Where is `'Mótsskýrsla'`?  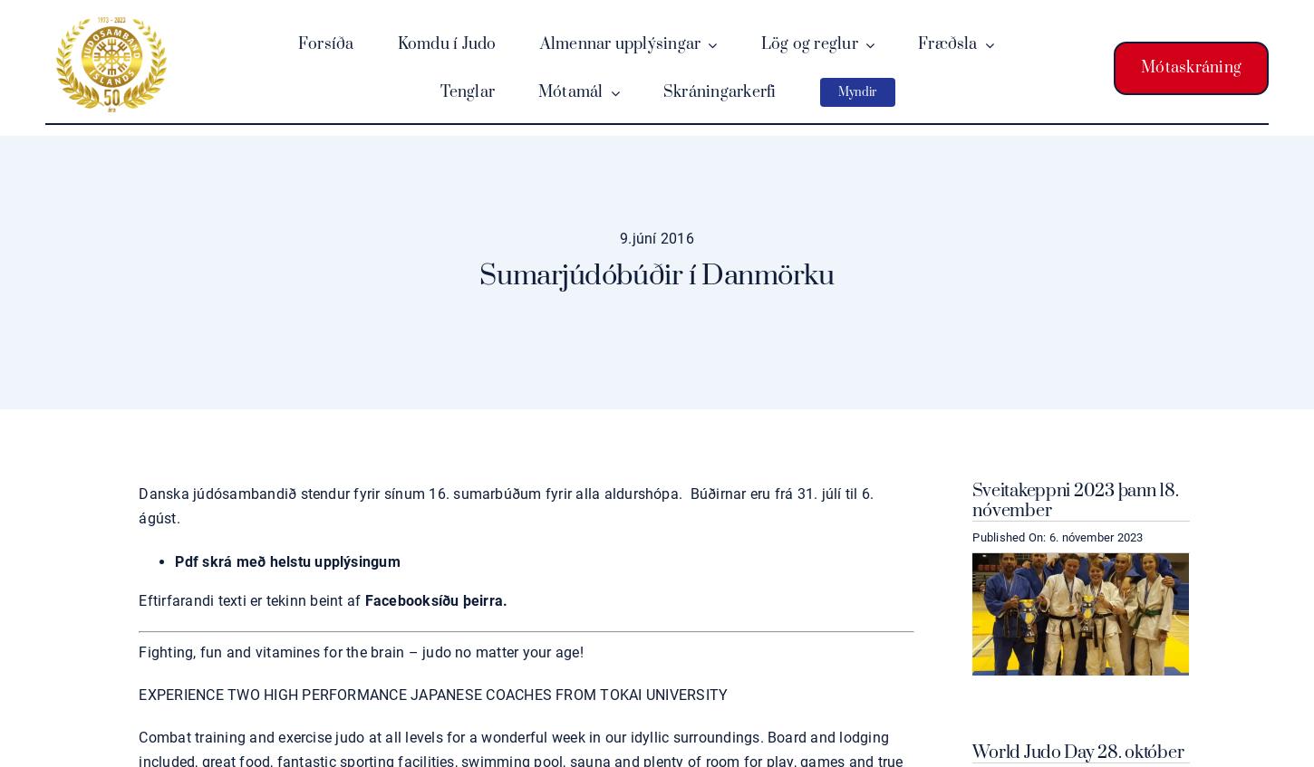
'Mótsskýrsla' is located at coordinates (593, 232).